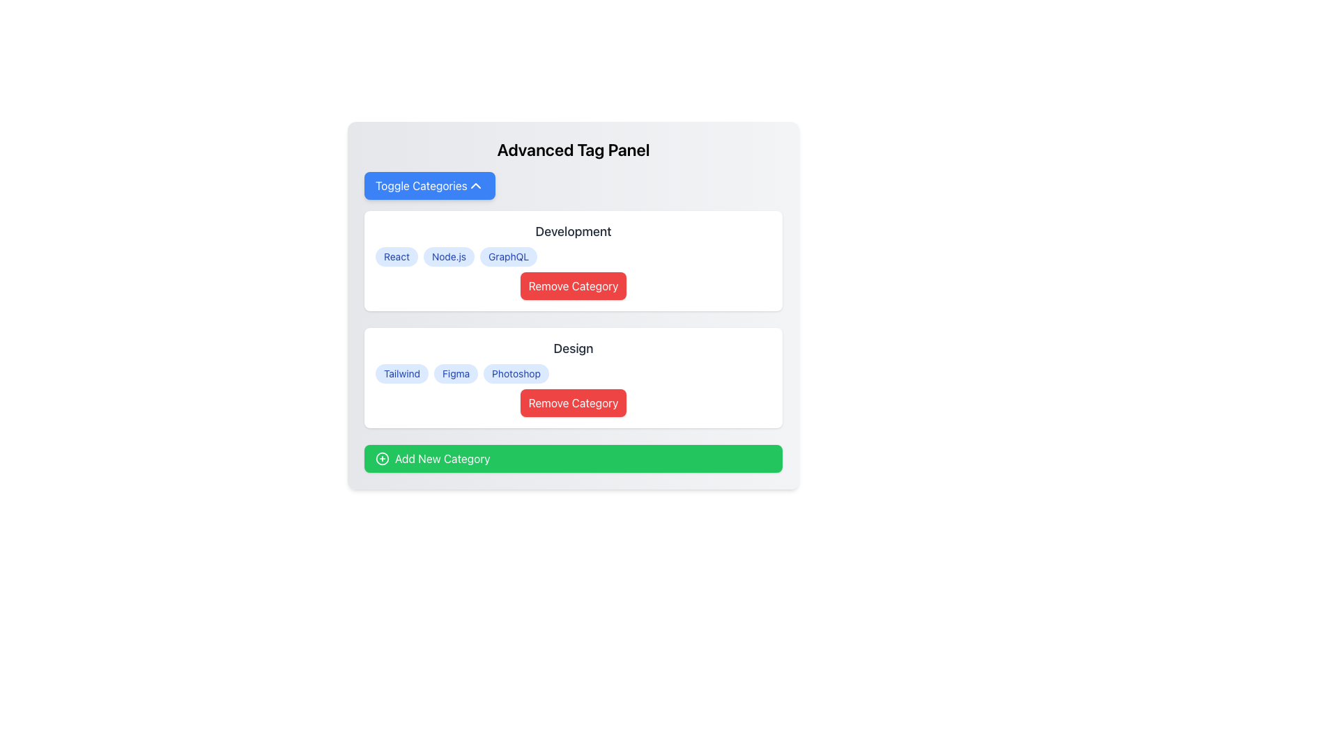 The image size is (1338, 752). Describe the element at coordinates (396, 257) in the screenshot. I see `the 'React' tag, which is the first badge in the horizontal group under the 'Development' category` at that location.